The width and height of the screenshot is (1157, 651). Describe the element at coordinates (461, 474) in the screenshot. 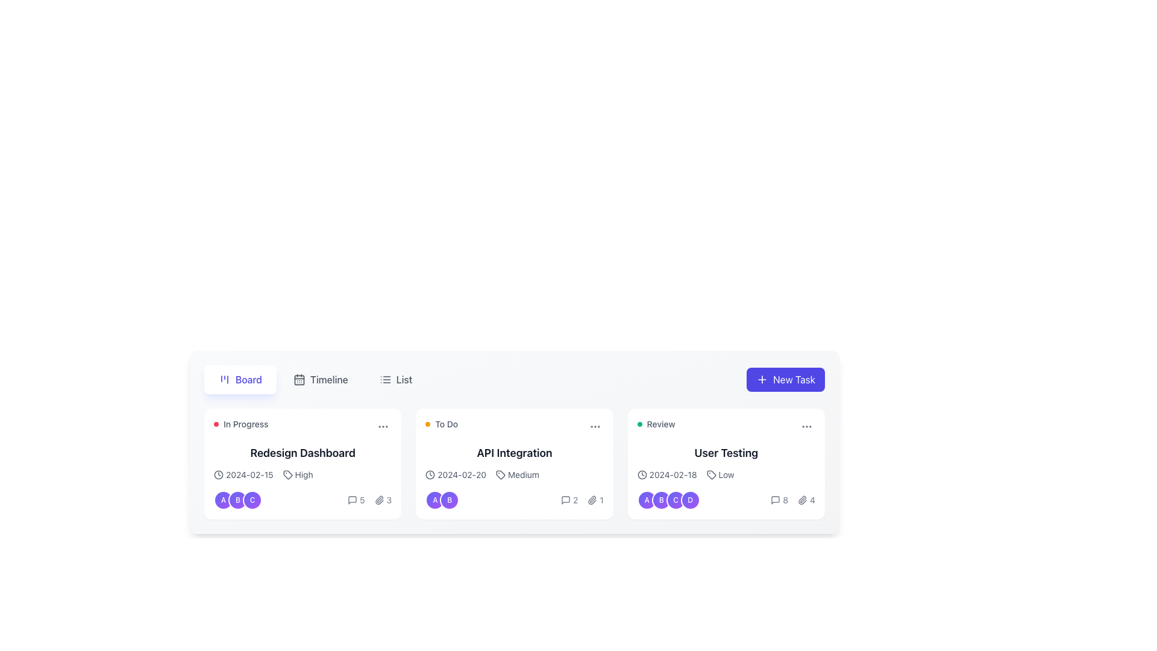

I see `the text label representing the date within the 'API Integration' card under the 'To Do' category, located below the task title and to the right of the clock icon` at that location.